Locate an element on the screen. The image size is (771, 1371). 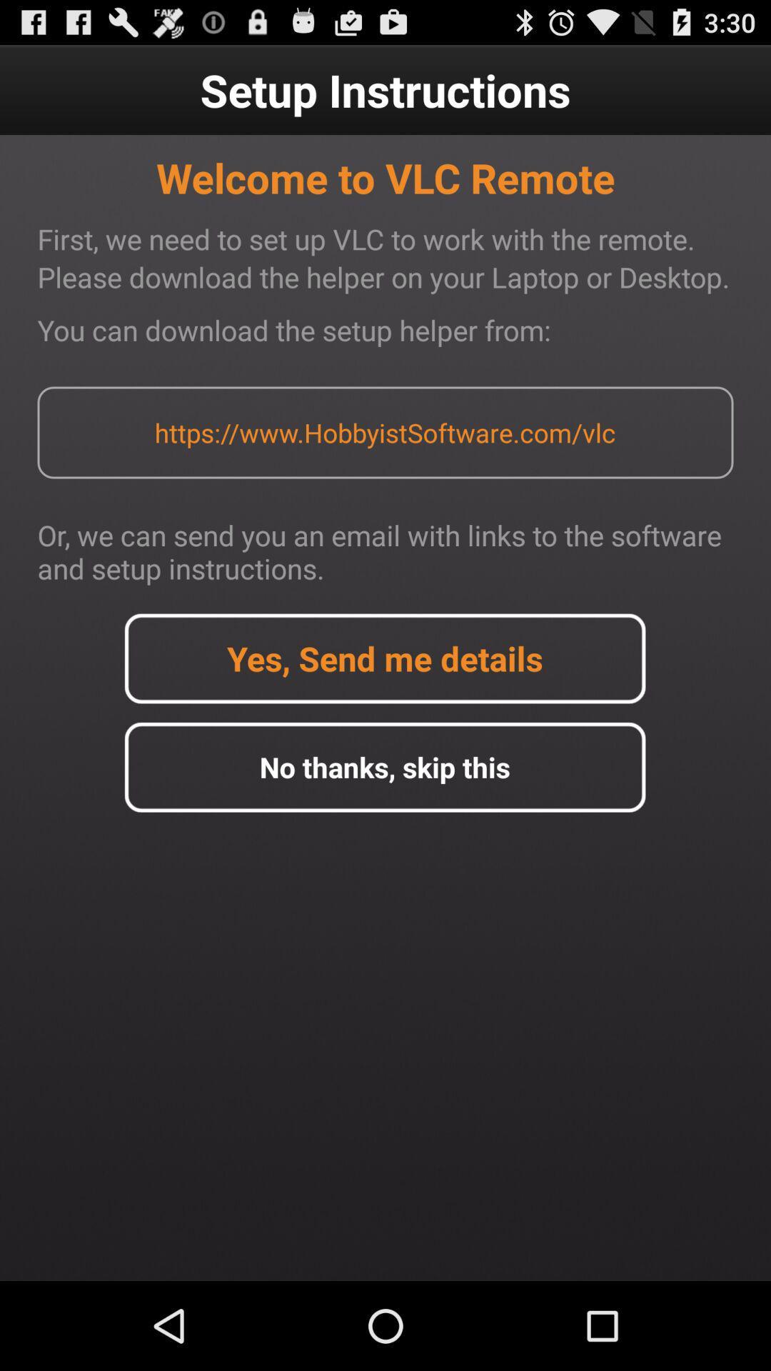
the https www hobbyistsoftware app is located at coordinates (384, 431).